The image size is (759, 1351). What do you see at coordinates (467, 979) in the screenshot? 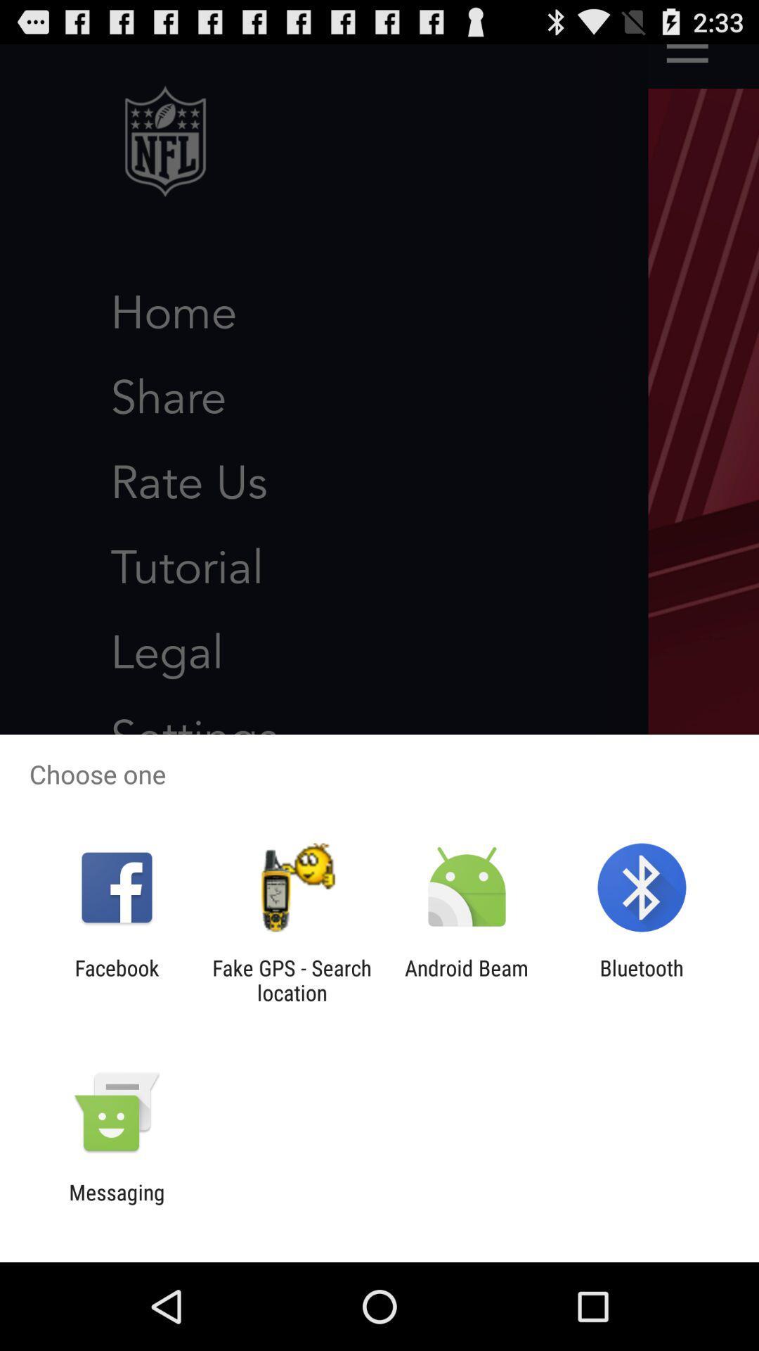
I see `item next to the fake gps search app` at bounding box center [467, 979].